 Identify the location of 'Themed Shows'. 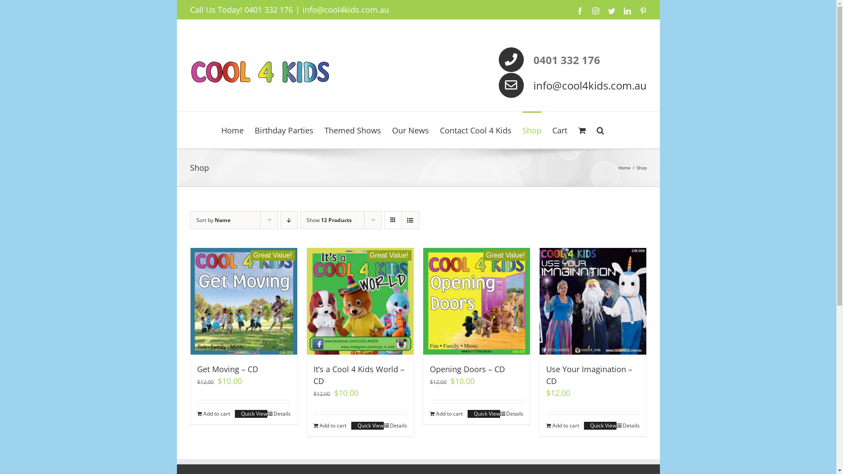
(353, 130).